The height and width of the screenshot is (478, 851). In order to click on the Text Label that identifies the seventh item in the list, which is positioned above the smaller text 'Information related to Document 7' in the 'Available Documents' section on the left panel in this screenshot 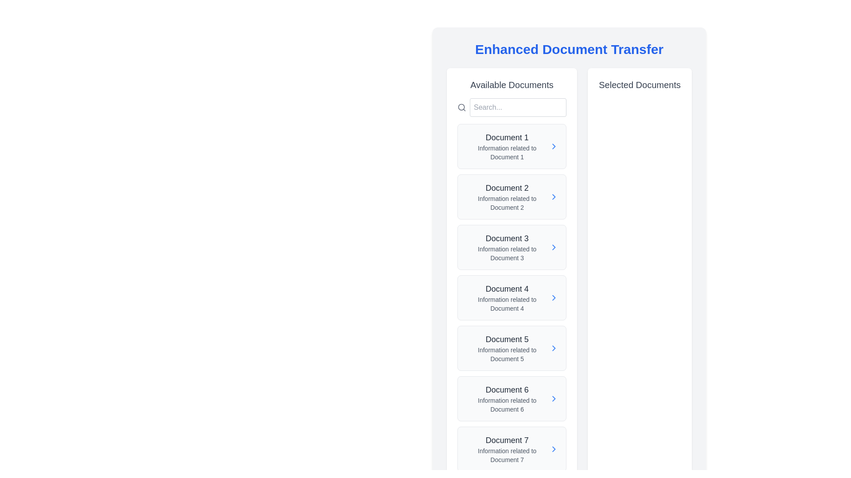, I will do `click(507, 440)`.